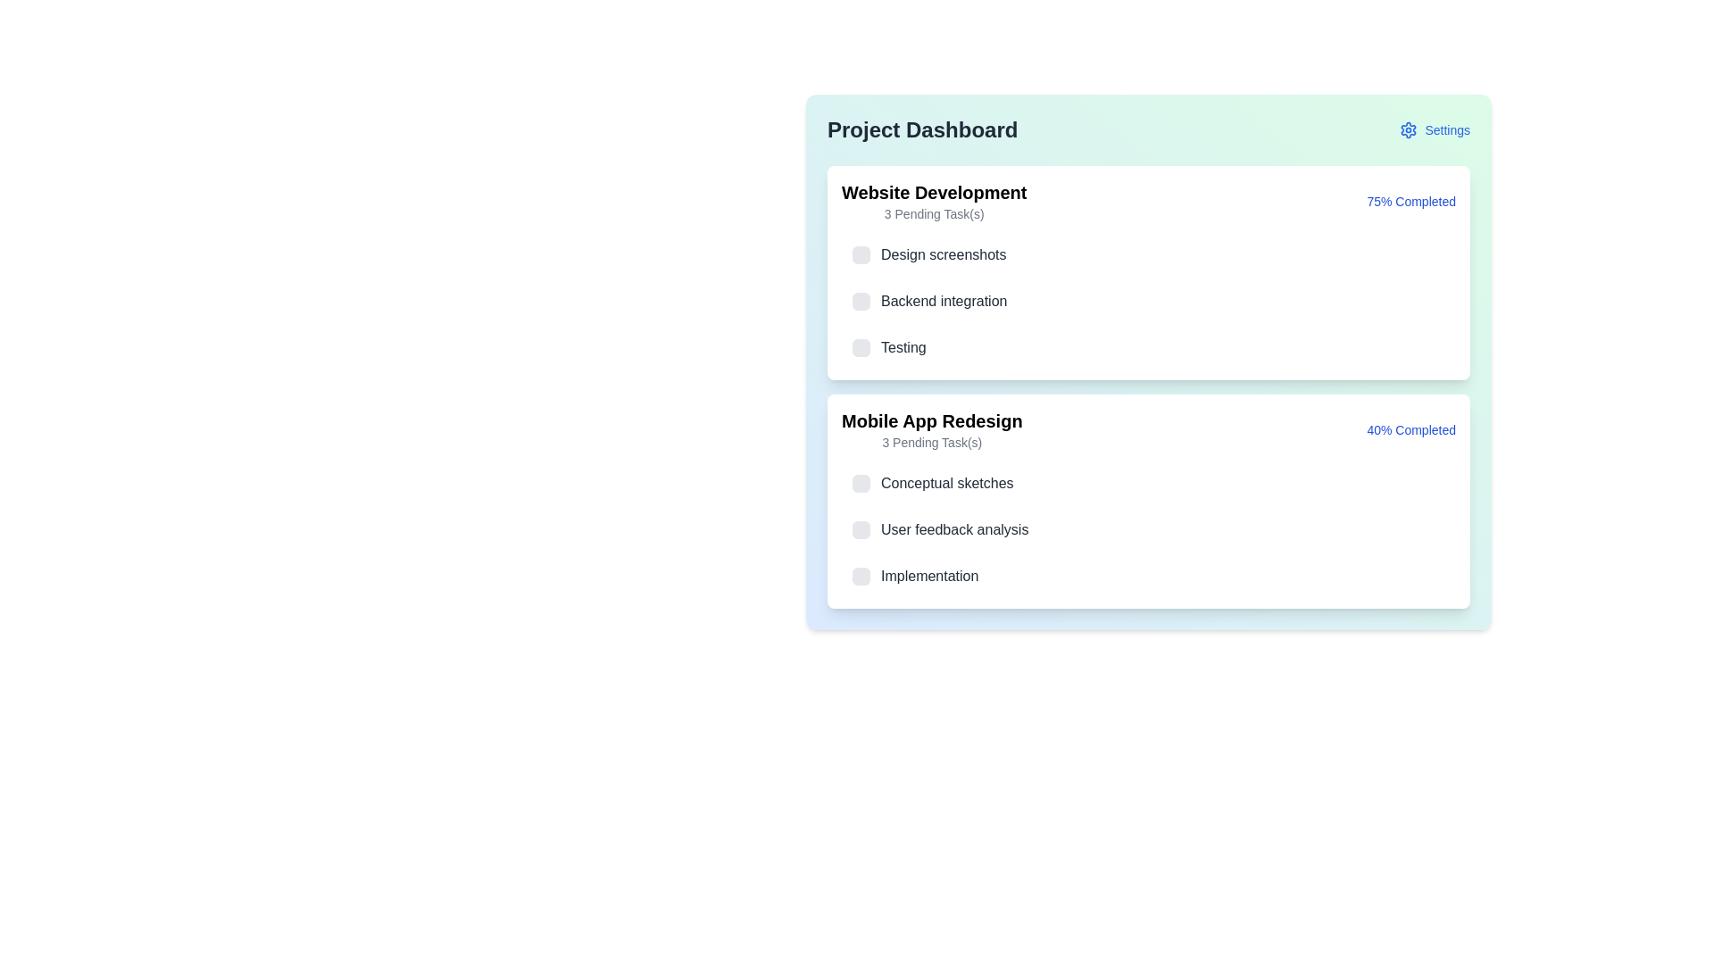  Describe the element at coordinates (1148, 576) in the screenshot. I see `the third list item with checkbox labeled 'Implementation'` at that location.